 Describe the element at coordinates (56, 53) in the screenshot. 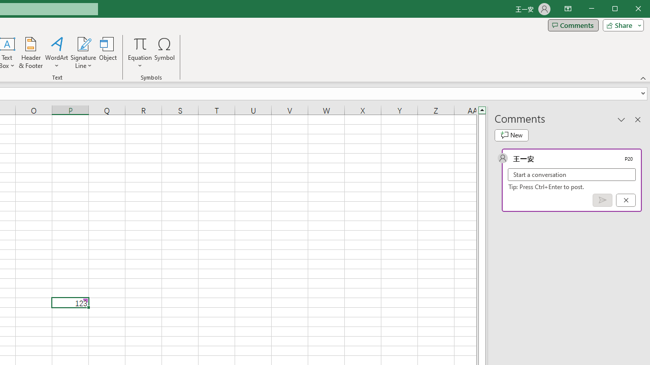

I see `'WordArt'` at that location.